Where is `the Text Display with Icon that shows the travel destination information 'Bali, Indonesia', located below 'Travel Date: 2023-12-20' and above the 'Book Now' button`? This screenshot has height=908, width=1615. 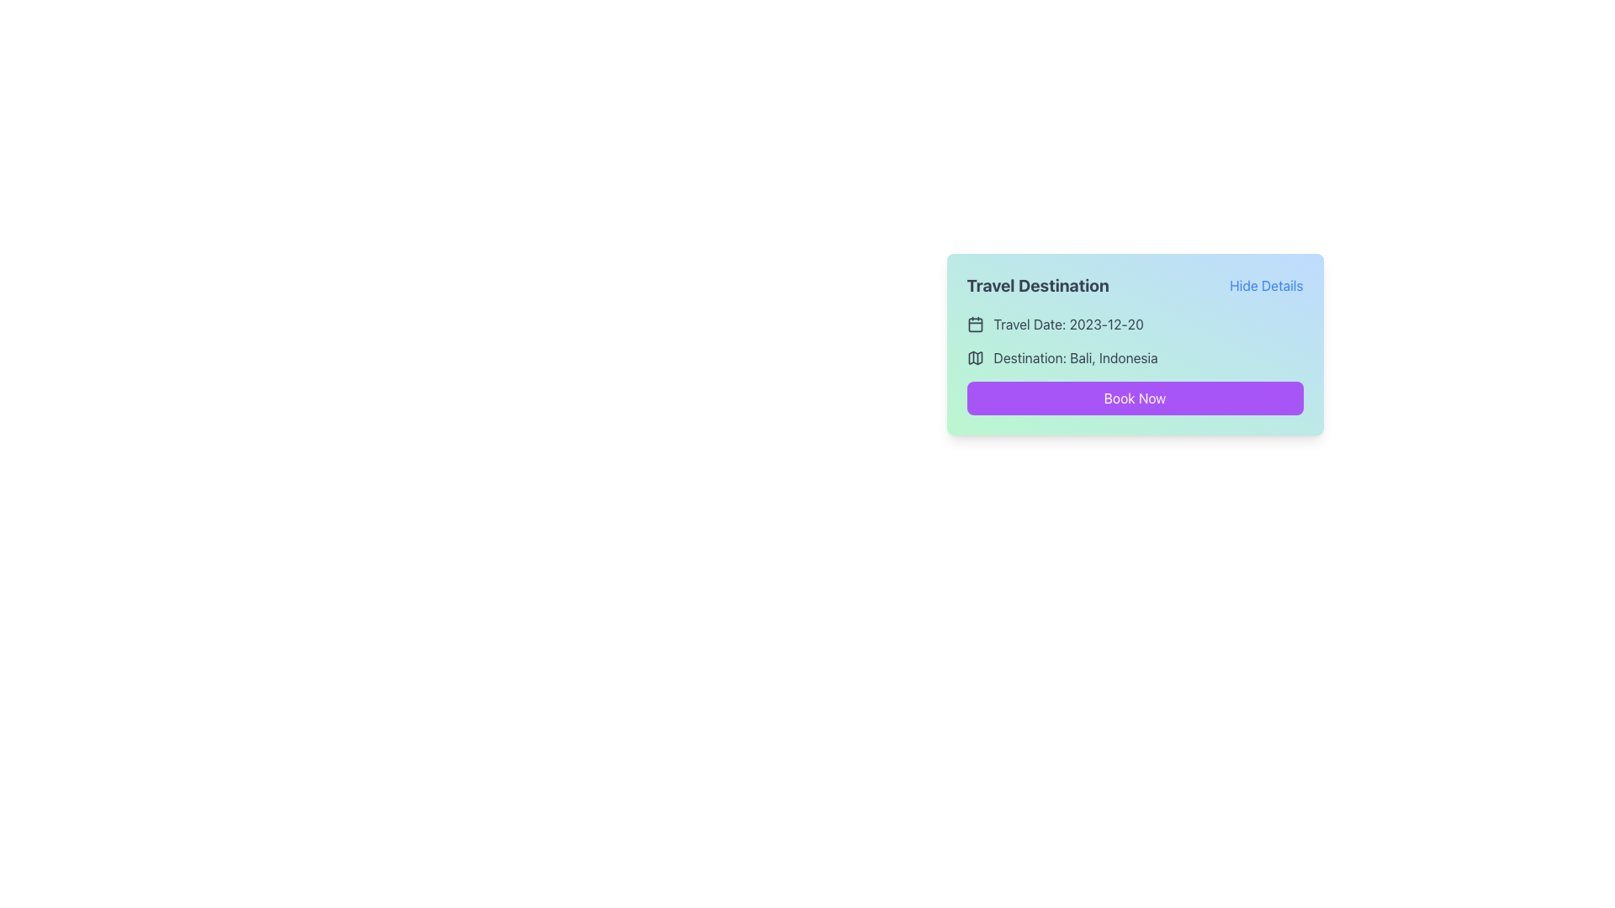 the Text Display with Icon that shows the travel destination information 'Bali, Indonesia', located below 'Travel Date: 2023-12-20' and above the 'Book Now' button is located at coordinates (1135, 356).